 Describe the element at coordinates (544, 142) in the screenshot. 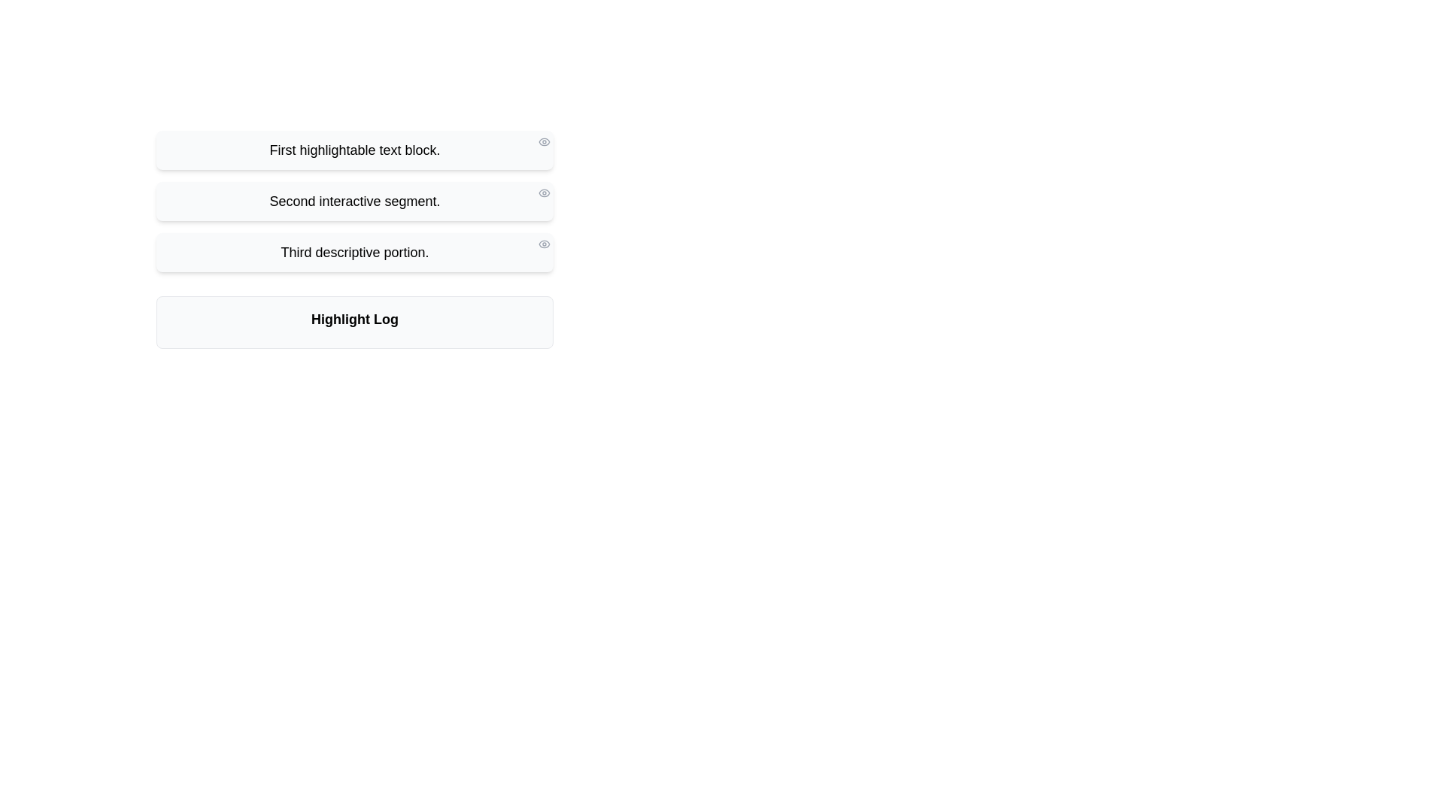

I see `the 'eye' icon in the top-right corner, which represents a visibility toggle or view action` at that location.